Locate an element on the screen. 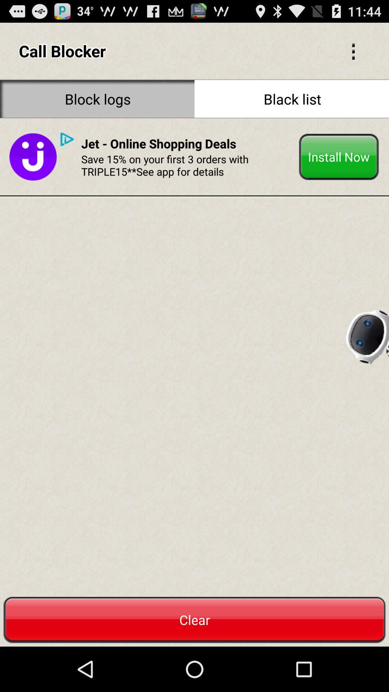  the icon above the clear icon is located at coordinates (33, 156).